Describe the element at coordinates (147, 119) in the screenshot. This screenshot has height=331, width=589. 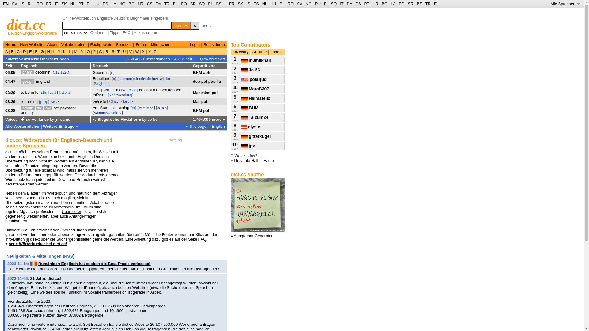
I see `'Jo-56'` at that location.